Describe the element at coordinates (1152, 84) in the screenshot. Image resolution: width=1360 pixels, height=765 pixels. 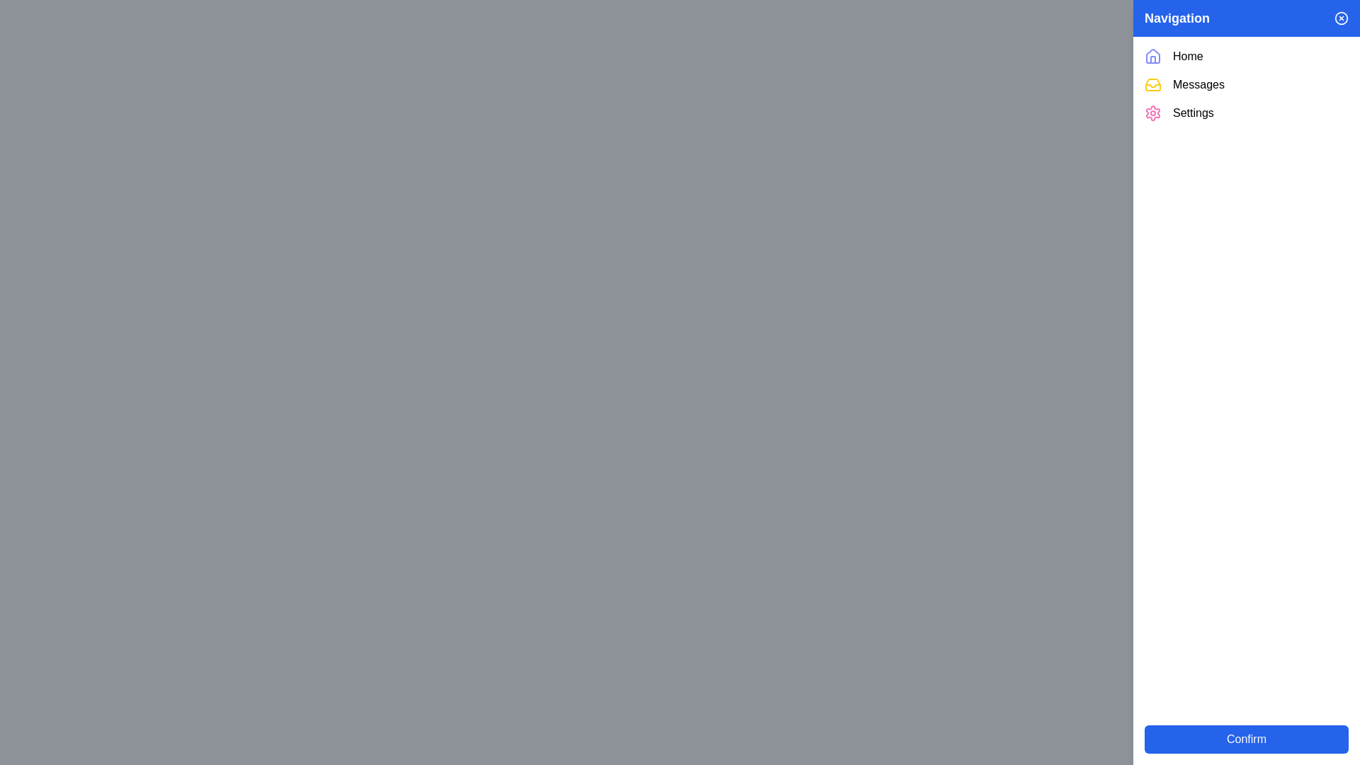
I see `the 'Messages' icon in the navigation menu, which is the second item below 'Home' and above 'Settings'` at that location.